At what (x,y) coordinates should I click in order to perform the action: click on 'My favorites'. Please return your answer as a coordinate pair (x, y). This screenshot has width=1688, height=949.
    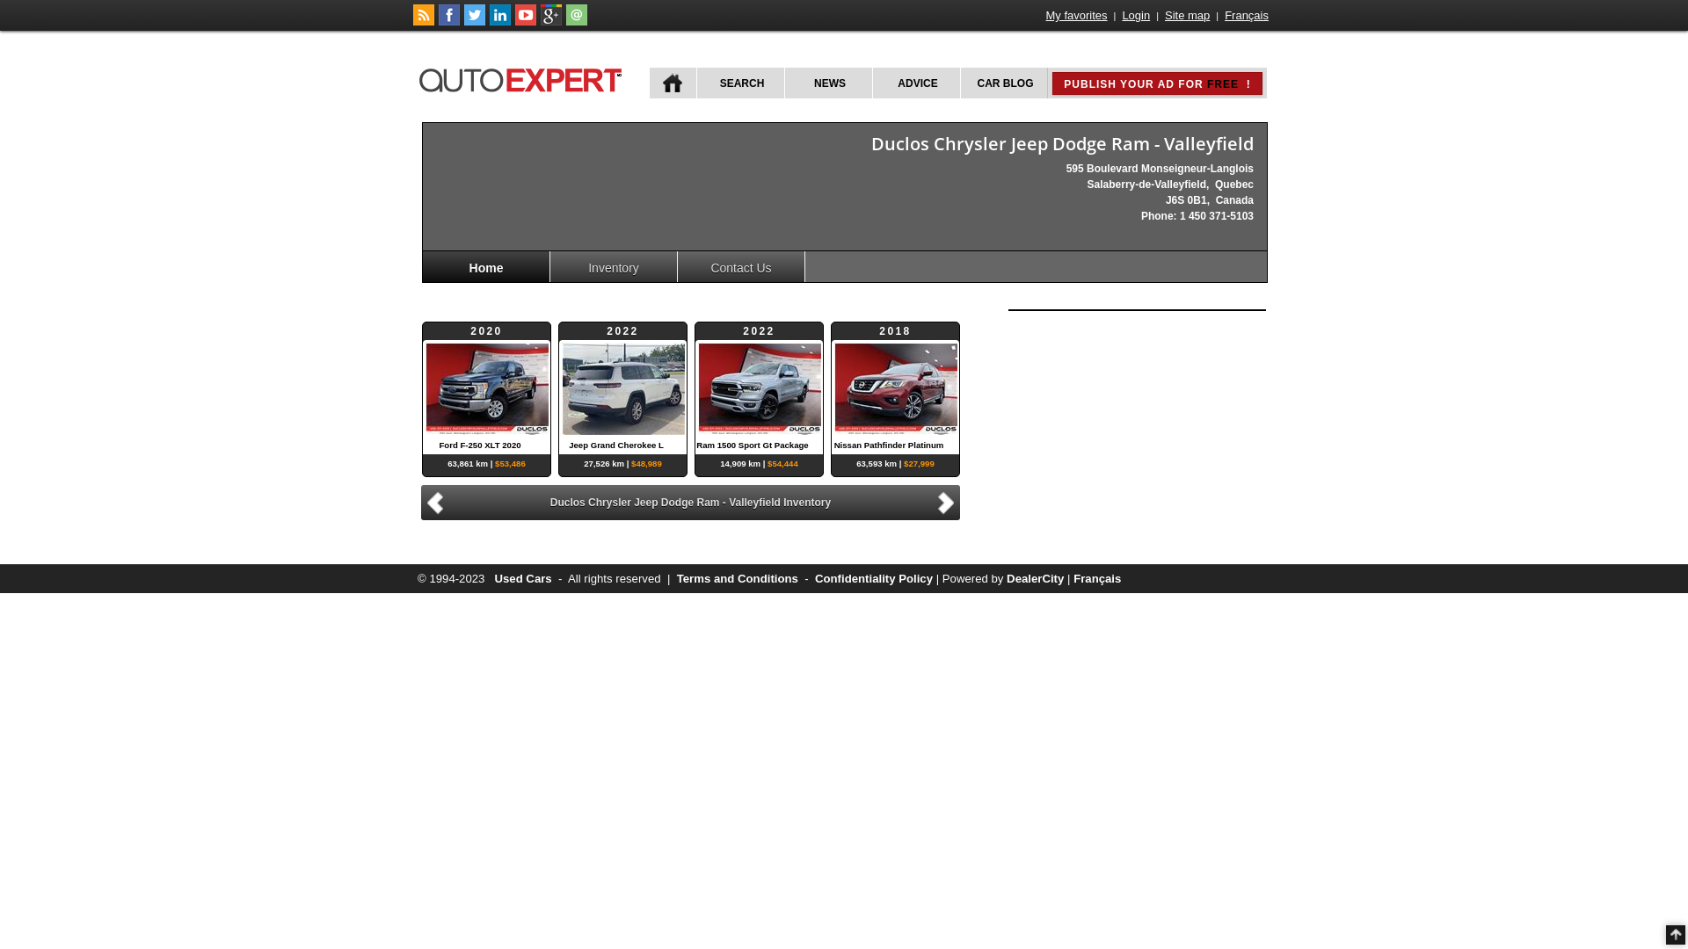
    Looking at the image, I should click on (1075, 15).